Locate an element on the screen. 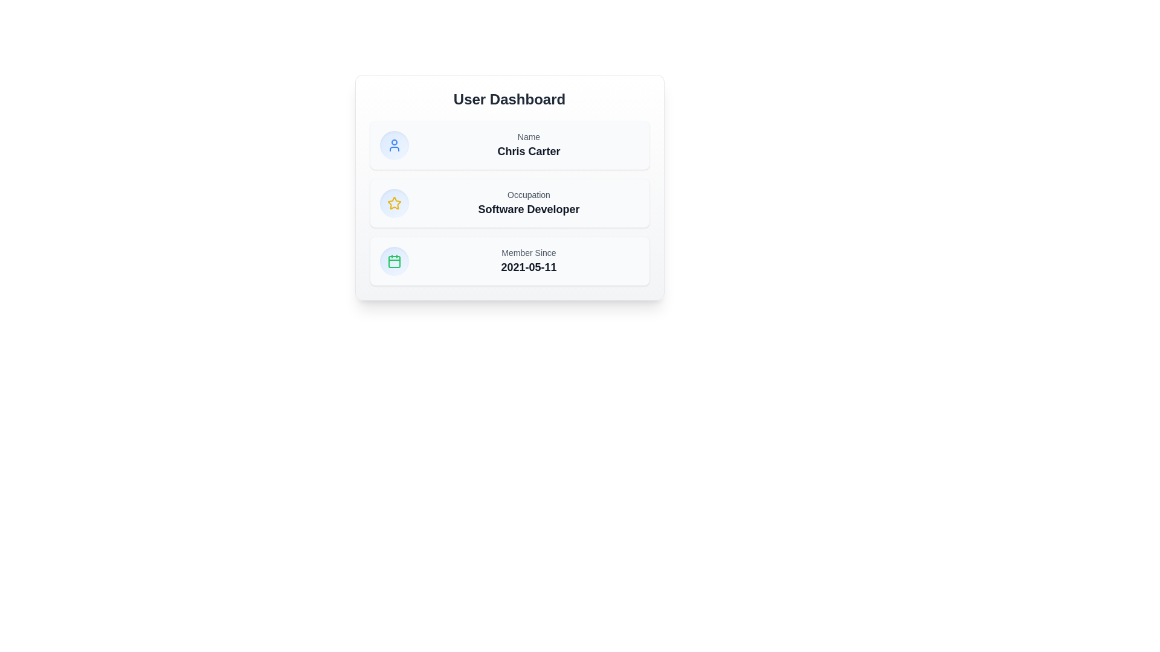  the text block displaying '2021-05-11', which is located beneath the 'Member Since' label in the bottom panel of the card-like section is located at coordinates (529, 267).